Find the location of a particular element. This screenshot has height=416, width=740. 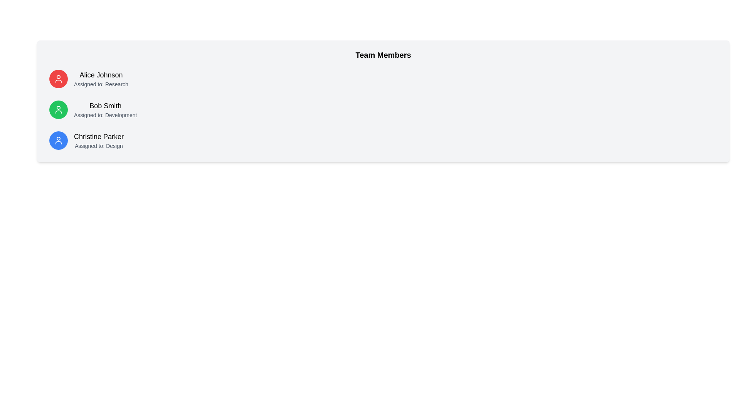

the text label that identifies a team member, located at the top of the team members listing interface is located at coordinates (101, 75).